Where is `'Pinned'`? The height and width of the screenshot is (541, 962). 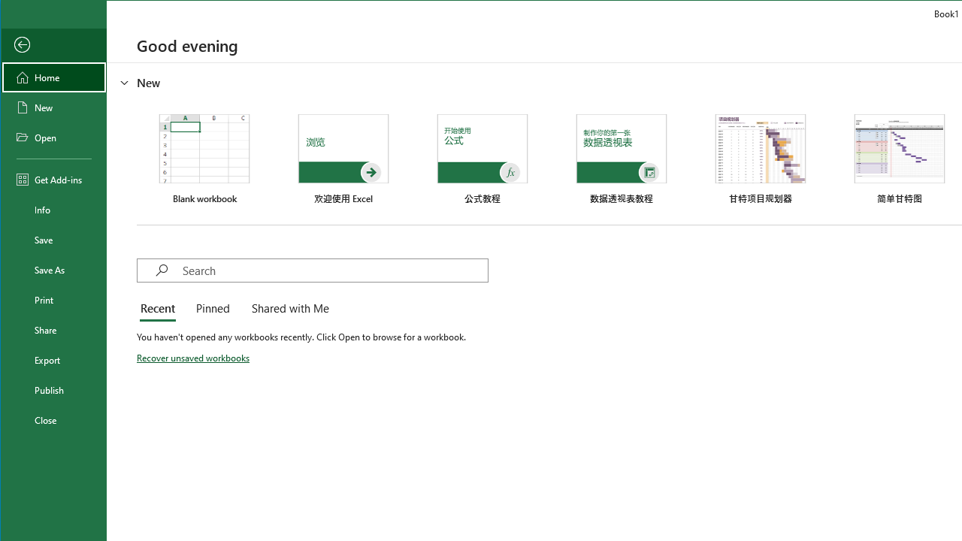
'Pinned' is located at coordinates (211, 308).